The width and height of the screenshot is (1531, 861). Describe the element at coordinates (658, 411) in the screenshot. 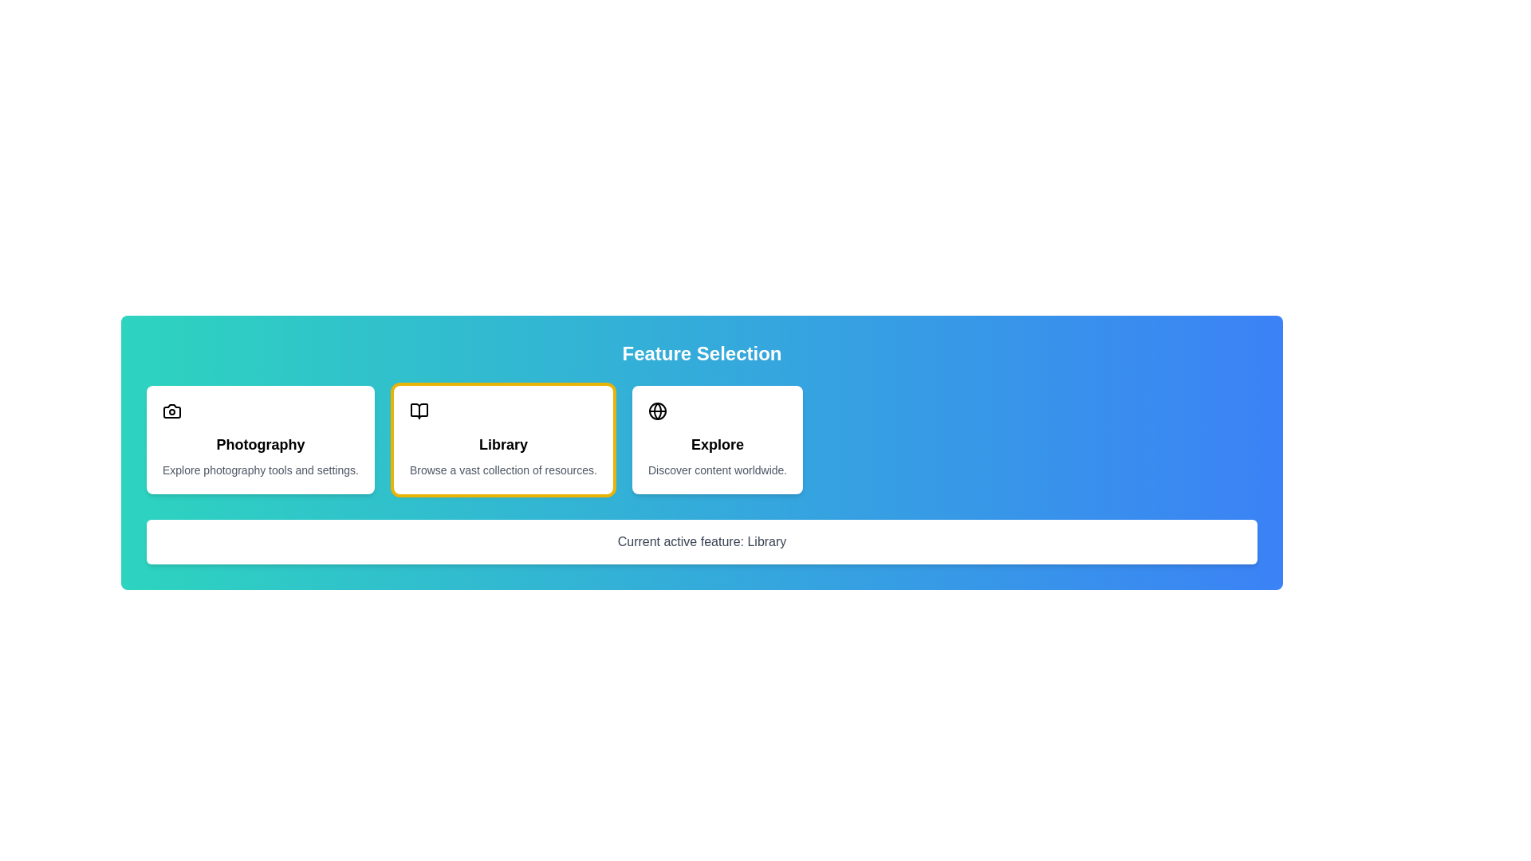

I see `the circular SVG graphic element of the globe icon, which is located above the 'Photography' option in the feature selection interface` at that location.